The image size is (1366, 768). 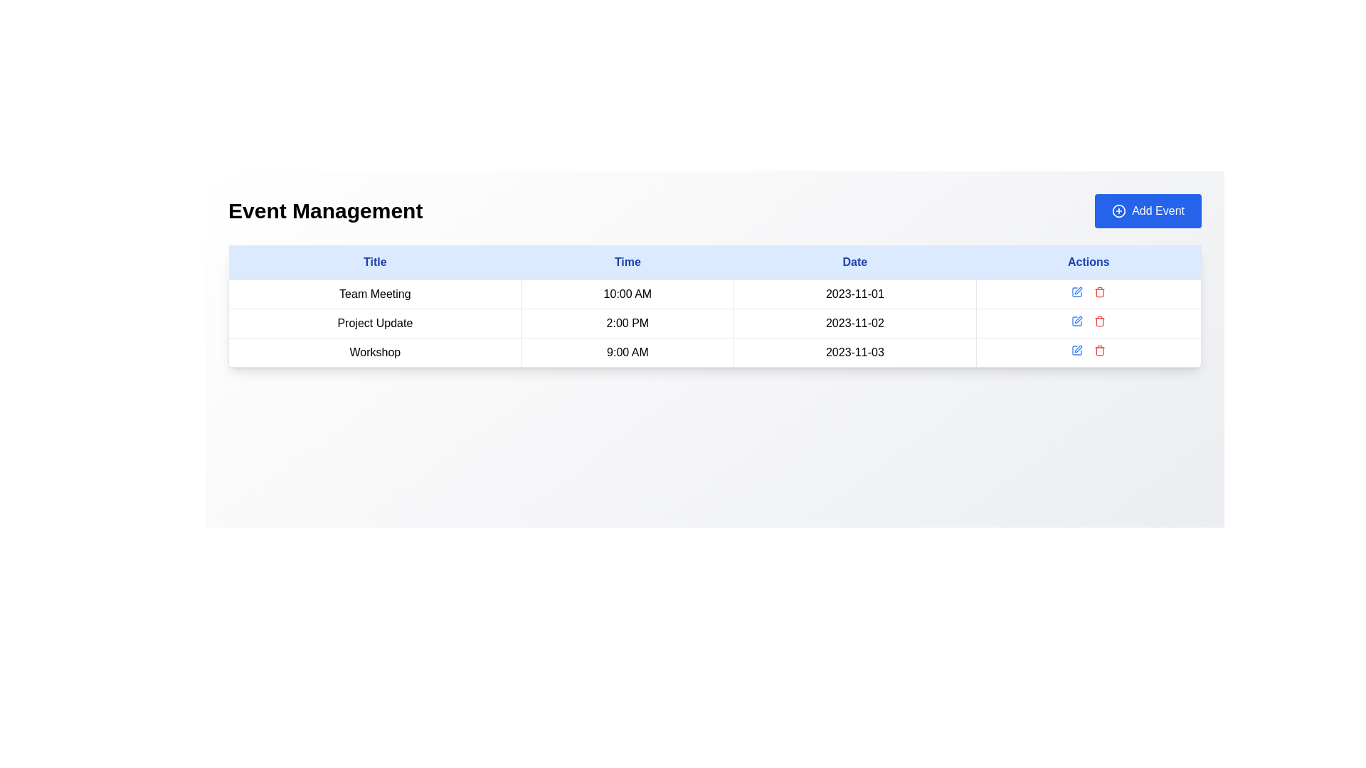 What do you see at coordinates (854, 352) in the screenshot?
I see `the Text Label displaying the date for the event titled 'Workshop', located in the third column of the last row in a table structure, between '9:00 AM' and an empty cell` at bounding box center [854, 352].